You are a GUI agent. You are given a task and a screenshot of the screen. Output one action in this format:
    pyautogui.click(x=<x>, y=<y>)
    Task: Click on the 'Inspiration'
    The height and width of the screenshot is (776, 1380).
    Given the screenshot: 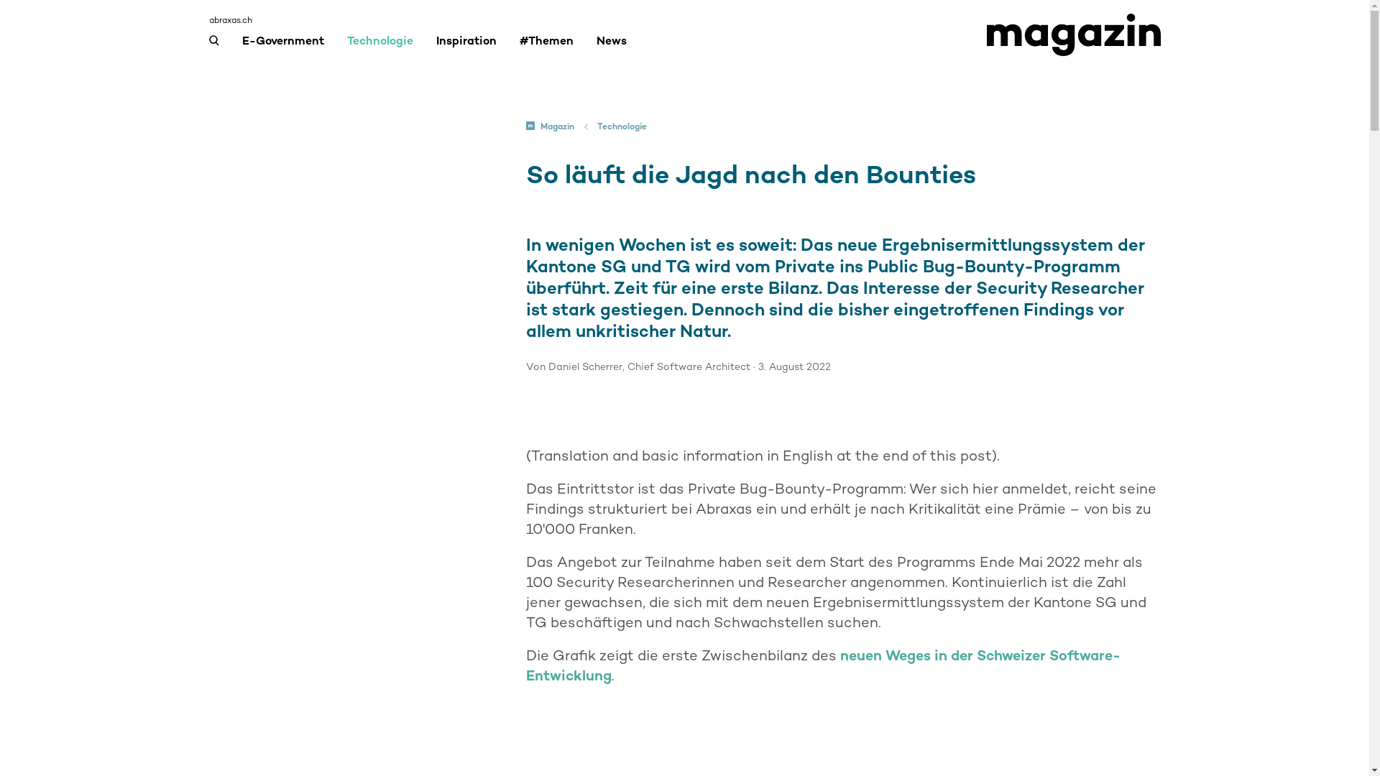 What is the action you would take?
    pyautogui.click(x=434, y=46)
    